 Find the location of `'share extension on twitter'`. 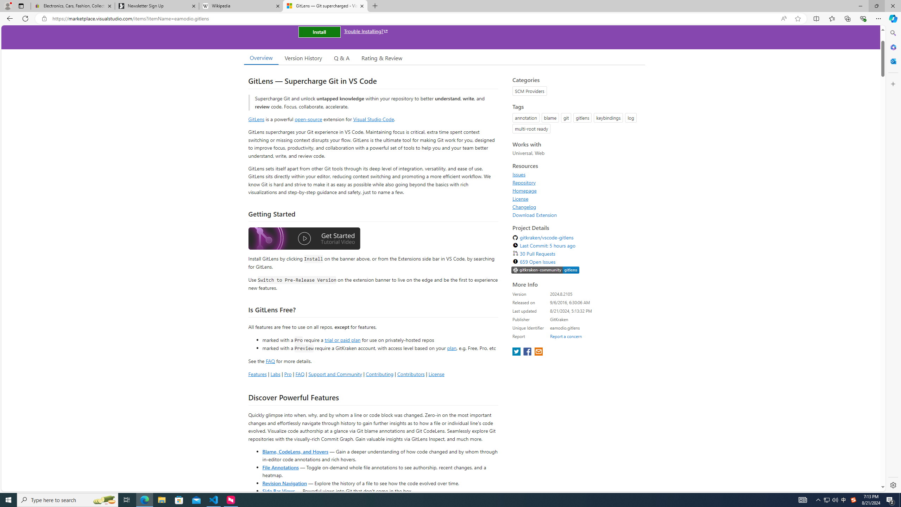

'share extension on twitter' is located at coordinates (517, 352).